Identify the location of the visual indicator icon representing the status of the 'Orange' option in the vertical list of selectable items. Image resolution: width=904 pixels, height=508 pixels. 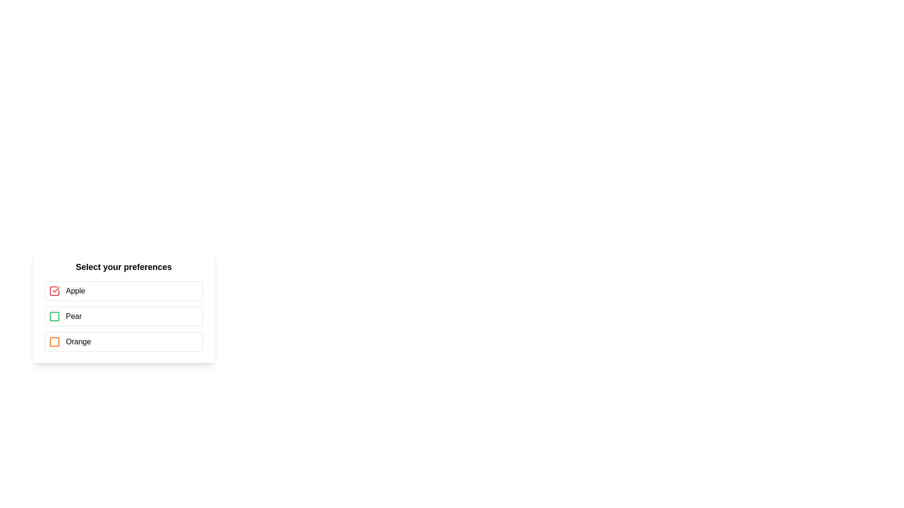
(54, 341).